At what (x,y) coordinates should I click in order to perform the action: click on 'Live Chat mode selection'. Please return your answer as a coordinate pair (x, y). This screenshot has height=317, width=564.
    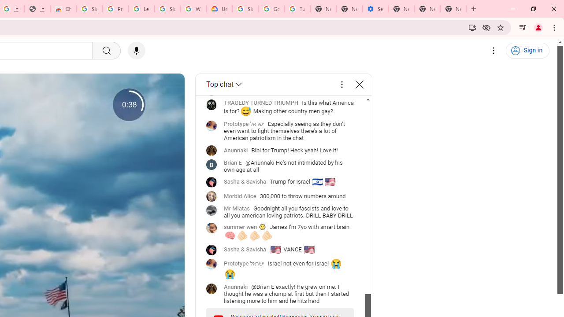
    Looking at the image, I should click on (225, 84).